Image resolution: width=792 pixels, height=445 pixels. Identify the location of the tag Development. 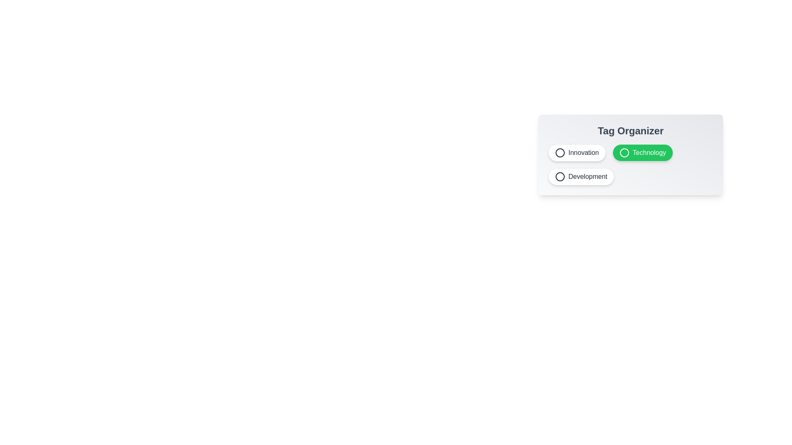
(581, 176).